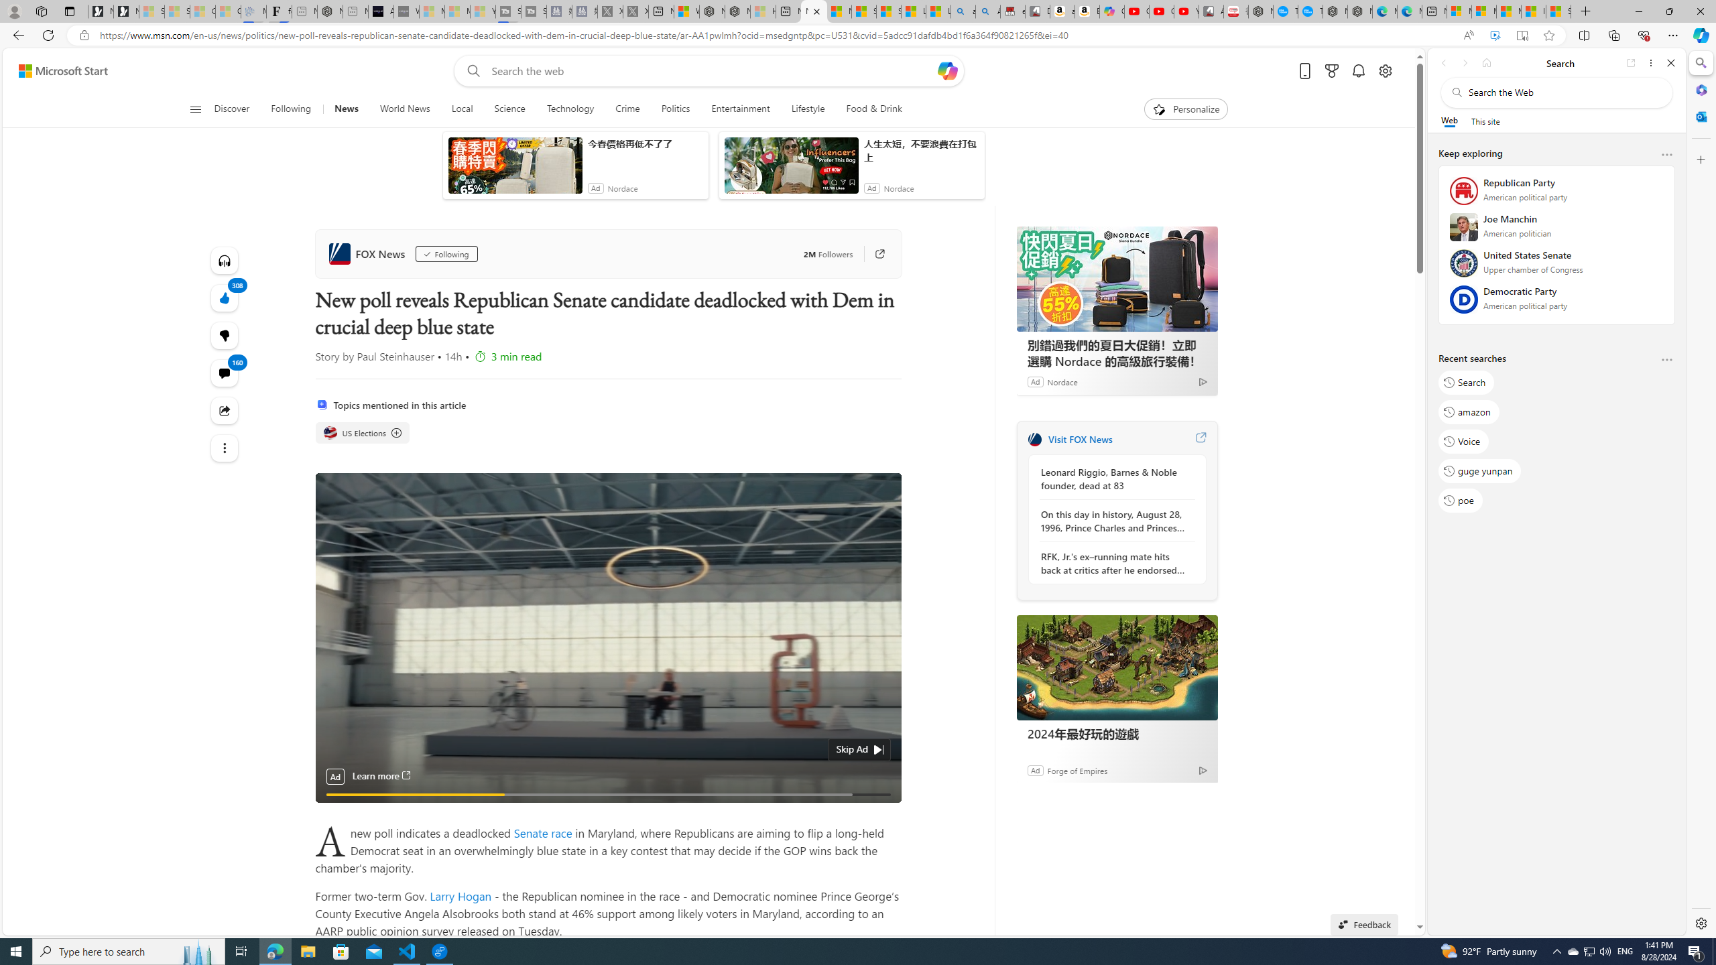  I want to click on 'Nordace - #1 Japanese Best-Seller - Siena Smart Backpack', so click(330, 11).